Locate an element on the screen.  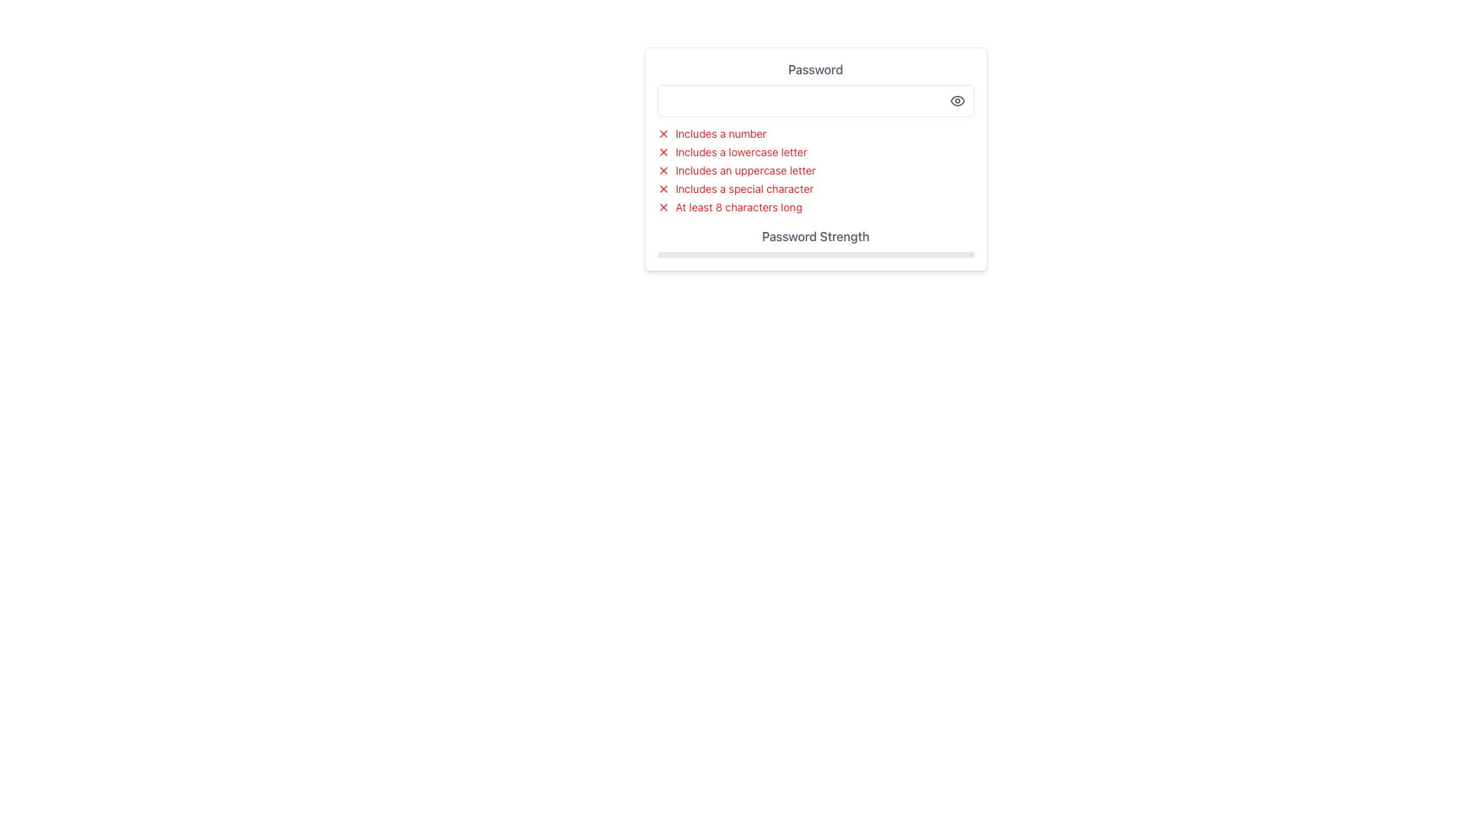
the button on the far-right side of the 'Password' input field is located at coordinates (956, 100).